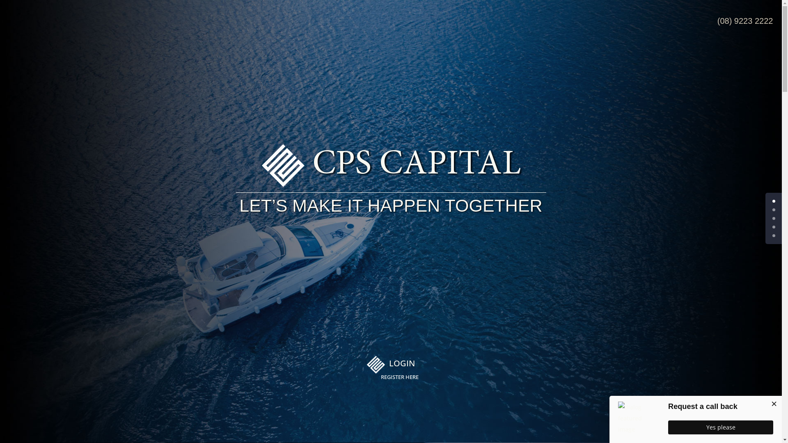 This screenshot has height=443, width=788. Describe the element at coordinates (375, 364) in the screenshot. I see `'CPS_Capital_Tile_Only_REV'` at that location.